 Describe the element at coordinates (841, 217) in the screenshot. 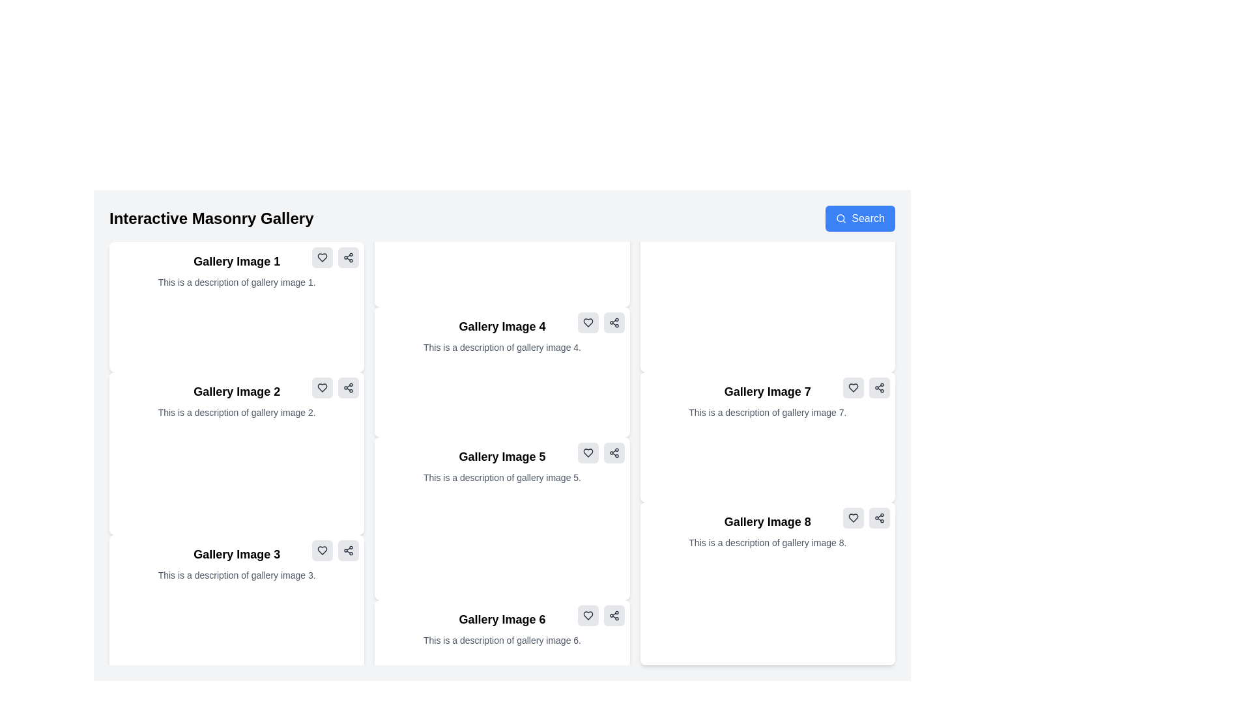

I see `the search icon located within the 'Search' button at the upper right corner of the interface` at that location.